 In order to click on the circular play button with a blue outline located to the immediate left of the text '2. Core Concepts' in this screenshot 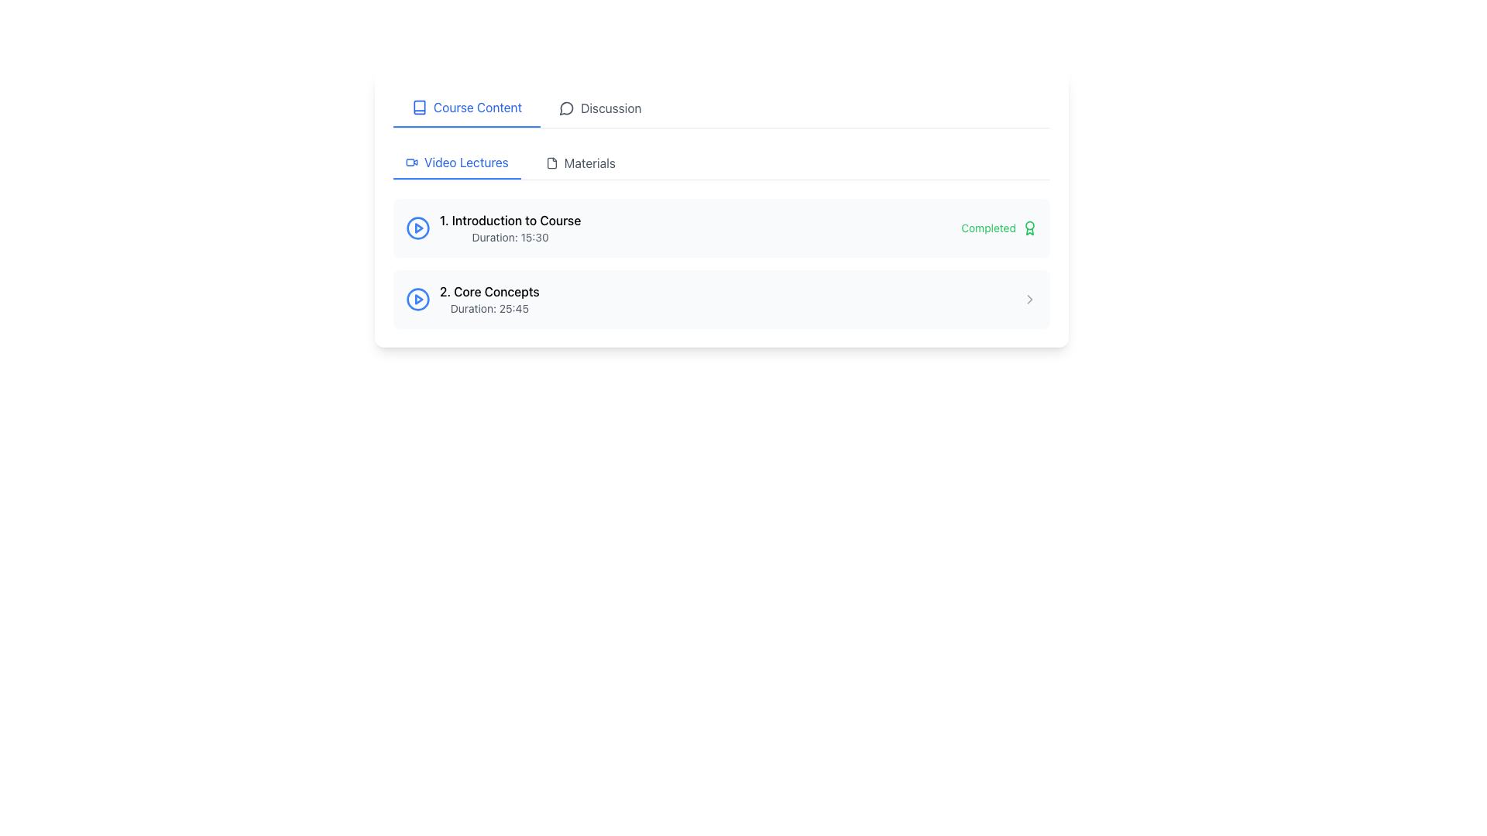, I will do `click(417, 299)`.